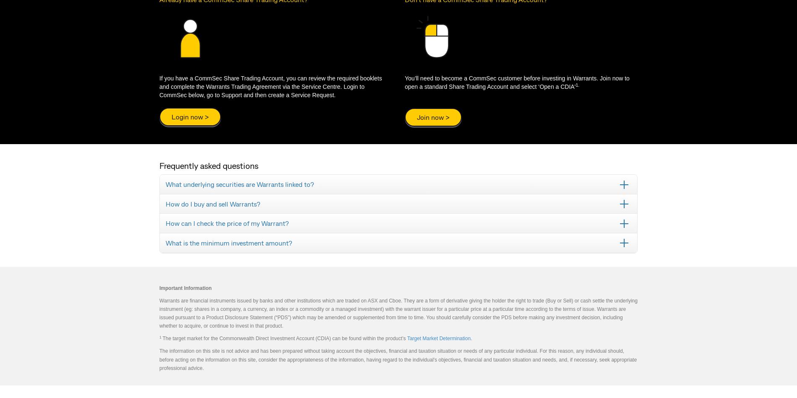 The width and height of the screenshot is (797, 398). Describe the element at coordinates (165, 203) in the screenshot. I see `'How do I buy and sell Warrants?'` at that location.